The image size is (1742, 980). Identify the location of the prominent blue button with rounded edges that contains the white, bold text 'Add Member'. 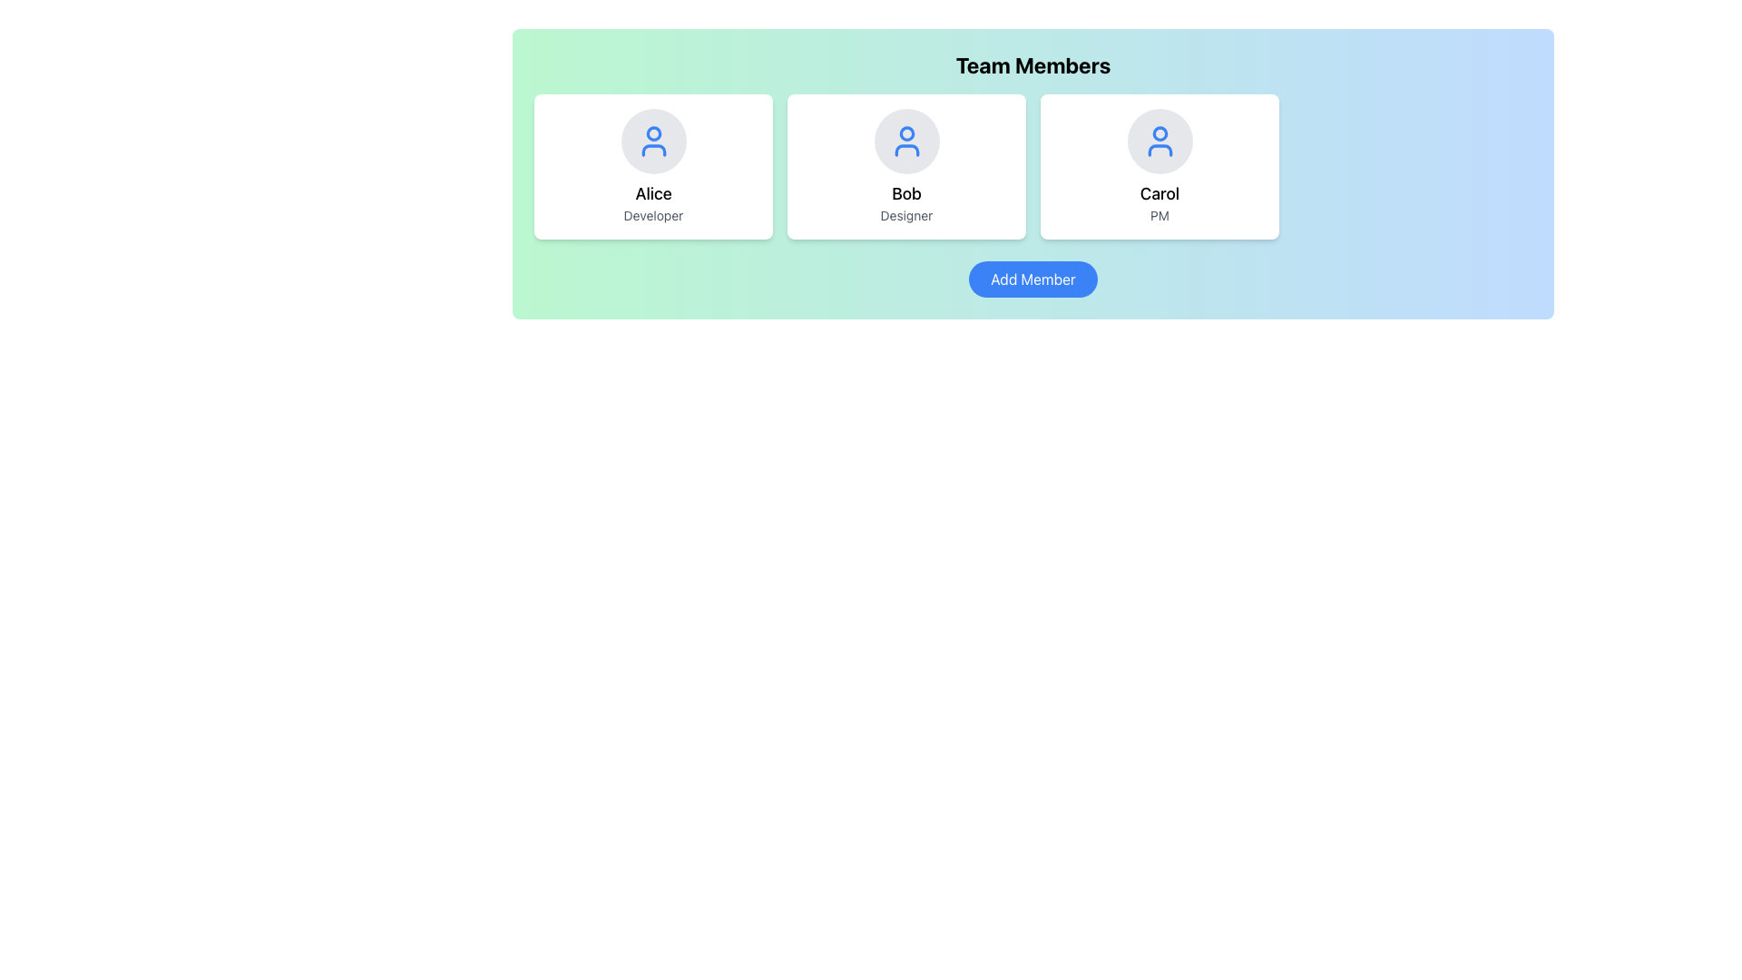
(1032, 279).